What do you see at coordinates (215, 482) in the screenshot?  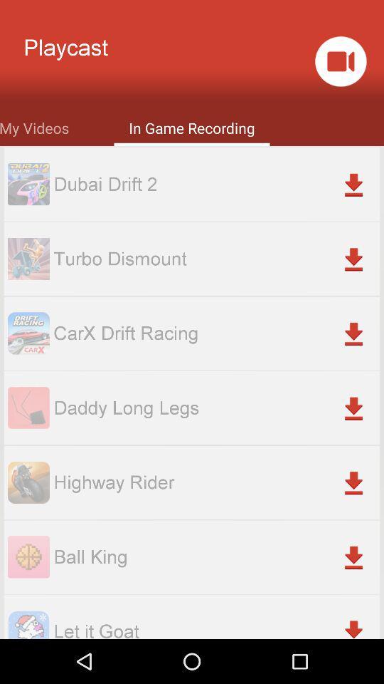 I see `highway rider icon` at bounding box center [215, 482].